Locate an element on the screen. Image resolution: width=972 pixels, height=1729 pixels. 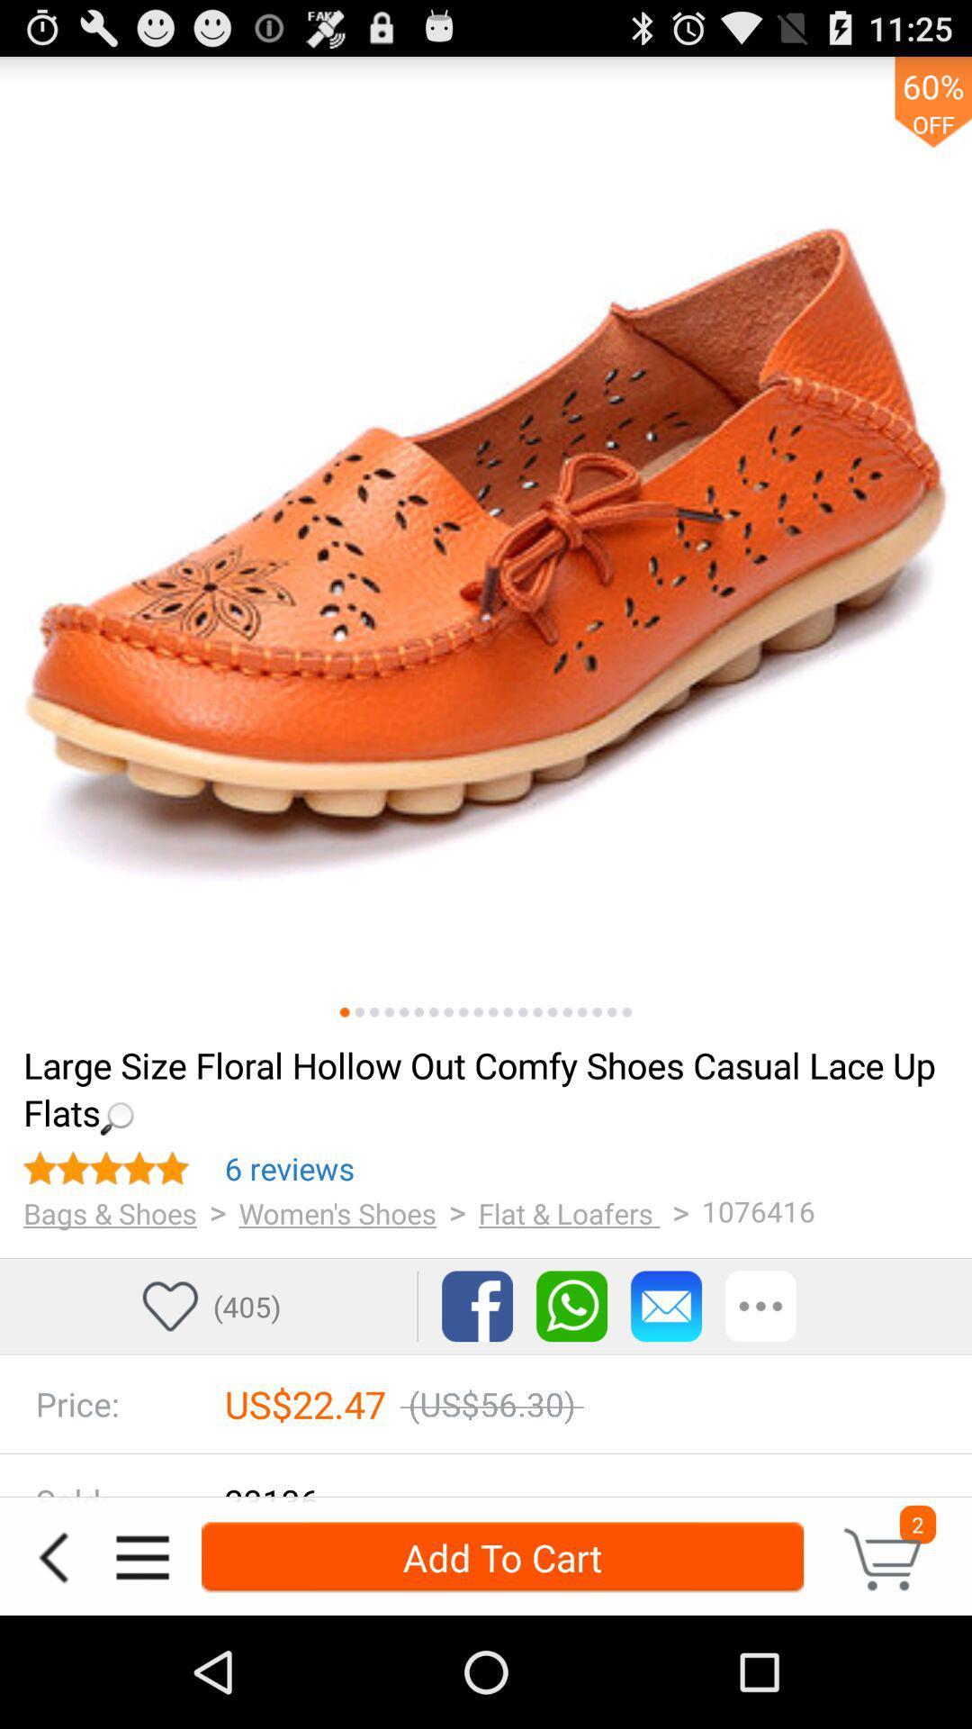
skip to 14th picture is located at coordinates (536, 1012).